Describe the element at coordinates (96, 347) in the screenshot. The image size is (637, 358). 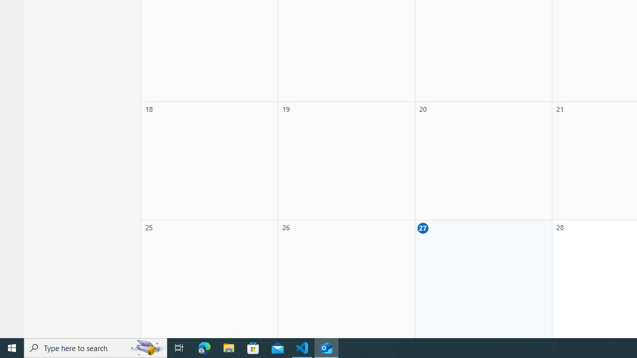
I see `'Type here to search'` at that location.